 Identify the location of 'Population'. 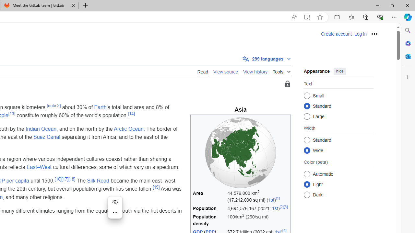
(209, 208).